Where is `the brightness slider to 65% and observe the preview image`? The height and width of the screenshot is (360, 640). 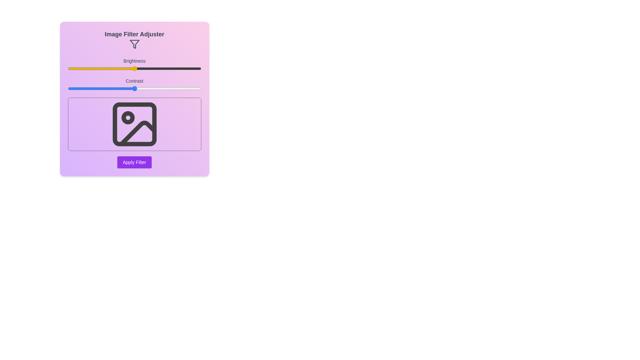
the brightness slider to 65% and observe the preview image is located at coordinates (154, 68).